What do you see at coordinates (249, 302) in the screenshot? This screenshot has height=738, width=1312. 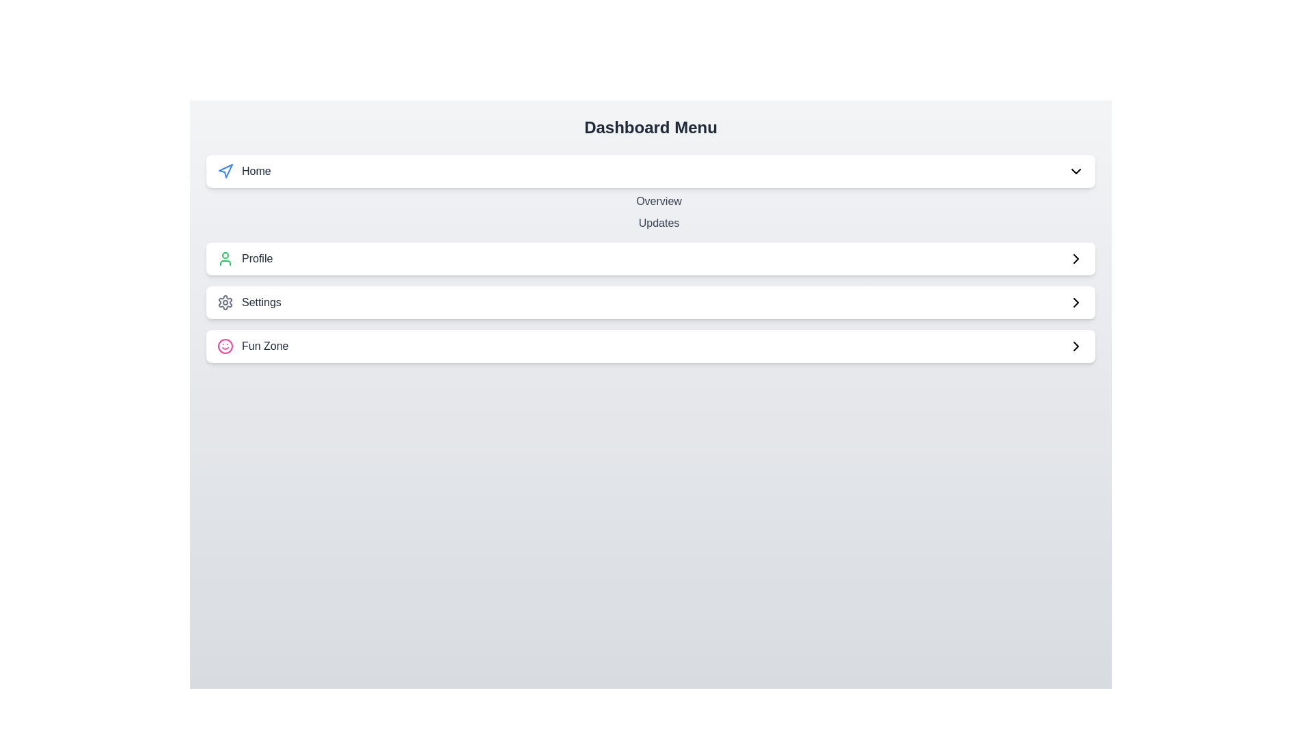 I see `the 'Settings' navigation menu item, which features a gear icon and gray text in medium font, located in the third row of the menu` at bounding box center [249, 302].